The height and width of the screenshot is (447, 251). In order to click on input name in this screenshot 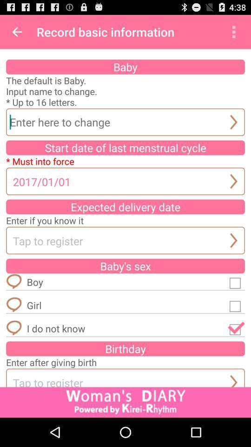, I will do `click(125, 122)`.